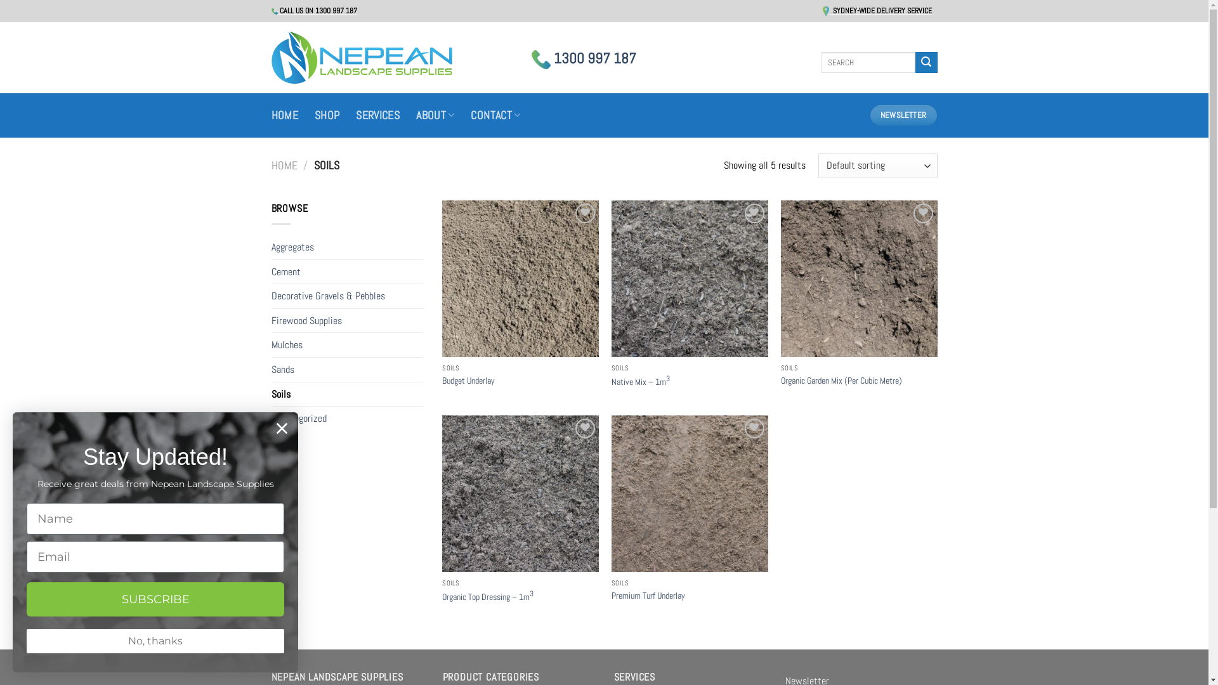 Image resolution: width=1218 pixels, height=685 pixels. What do you see at coordinates (154, 641) in the screenshot?
I see `'No, thanks'` at bounding box center [154, 641].